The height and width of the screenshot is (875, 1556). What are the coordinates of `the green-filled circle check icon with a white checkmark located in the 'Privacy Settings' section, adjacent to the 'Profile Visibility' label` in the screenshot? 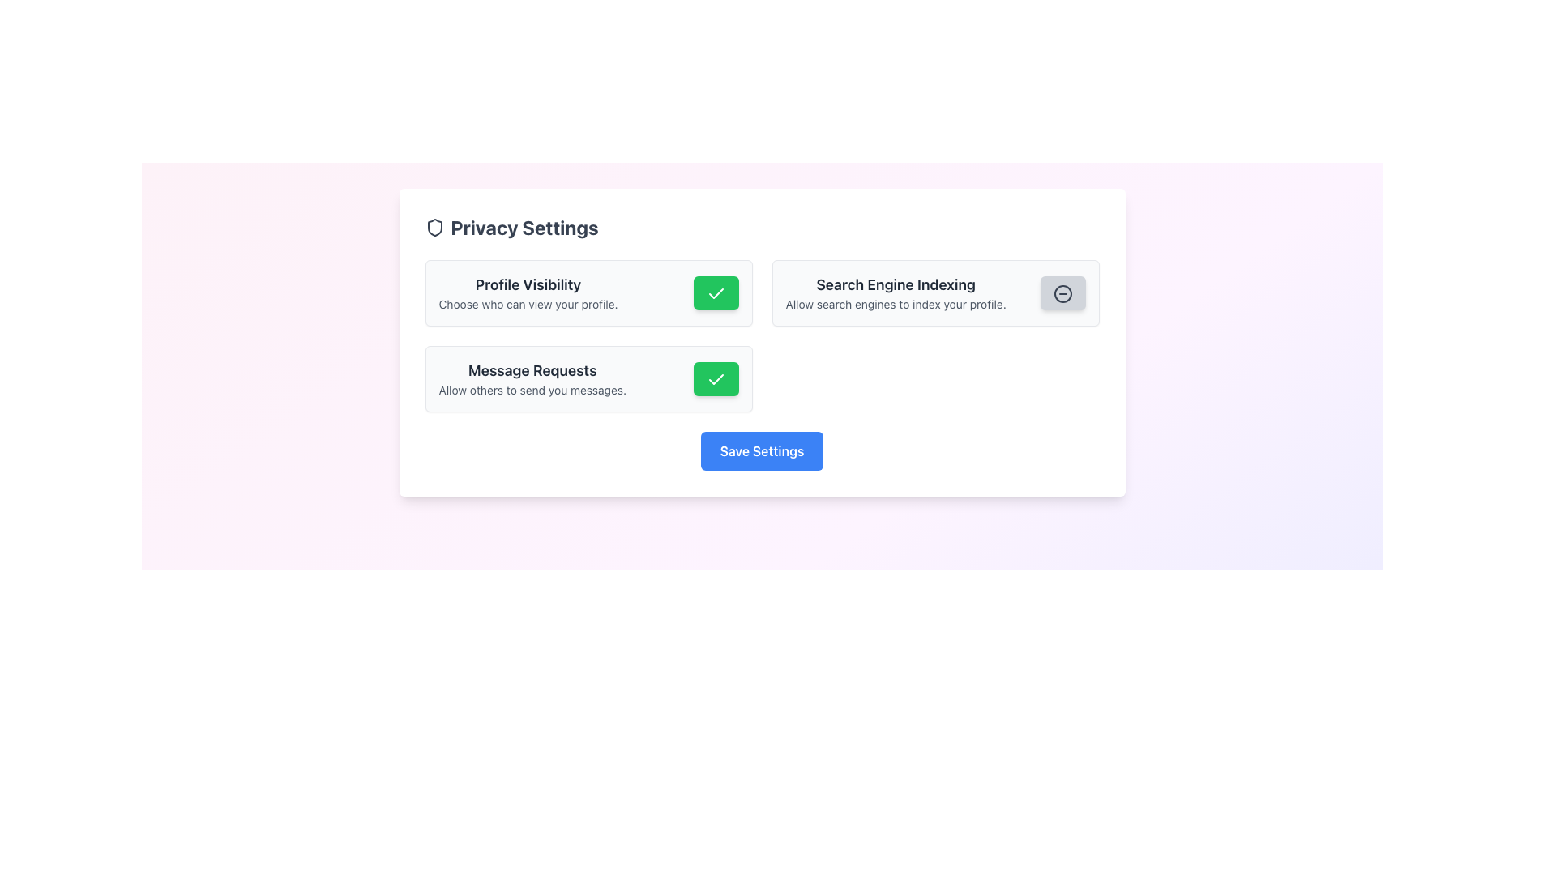 It's located at (715, 293).